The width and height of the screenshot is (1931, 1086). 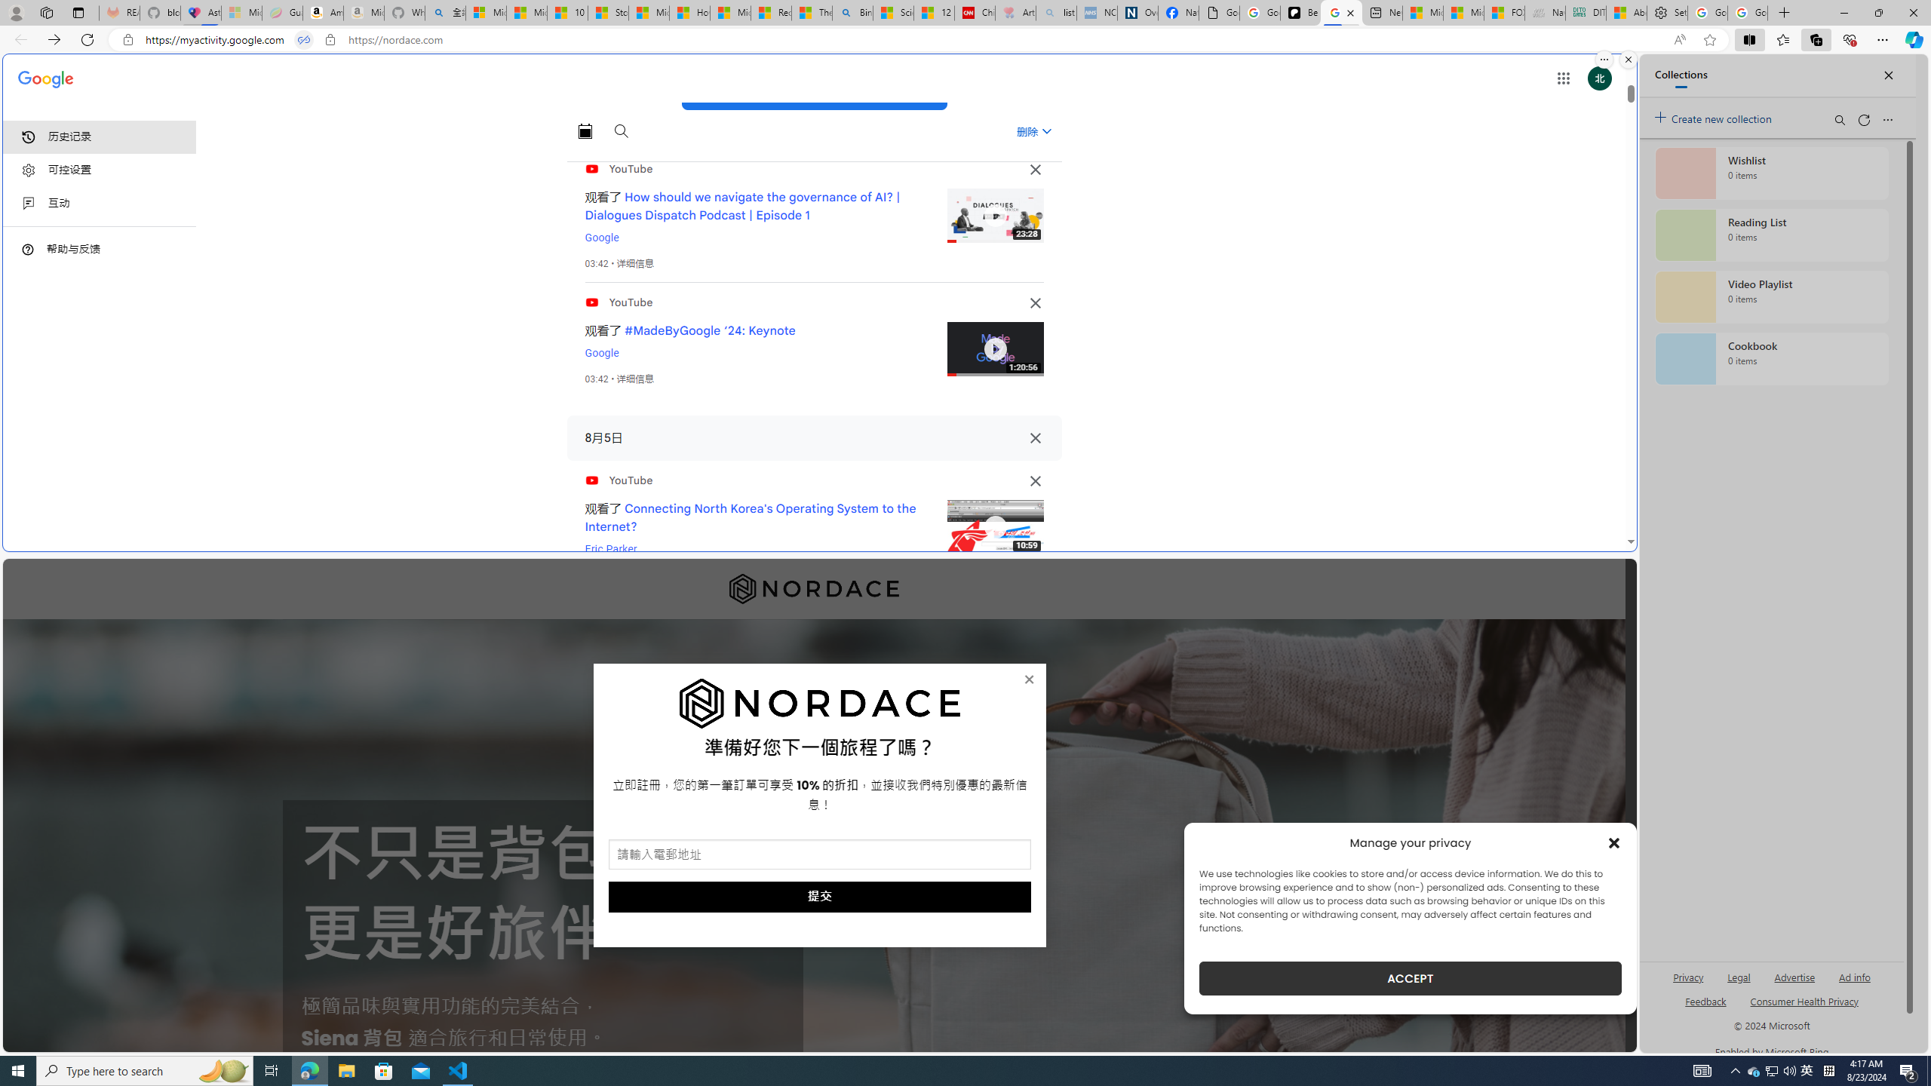 I want to click on 'AutomationID: sb_feedback', so click(x=1705, y=999).